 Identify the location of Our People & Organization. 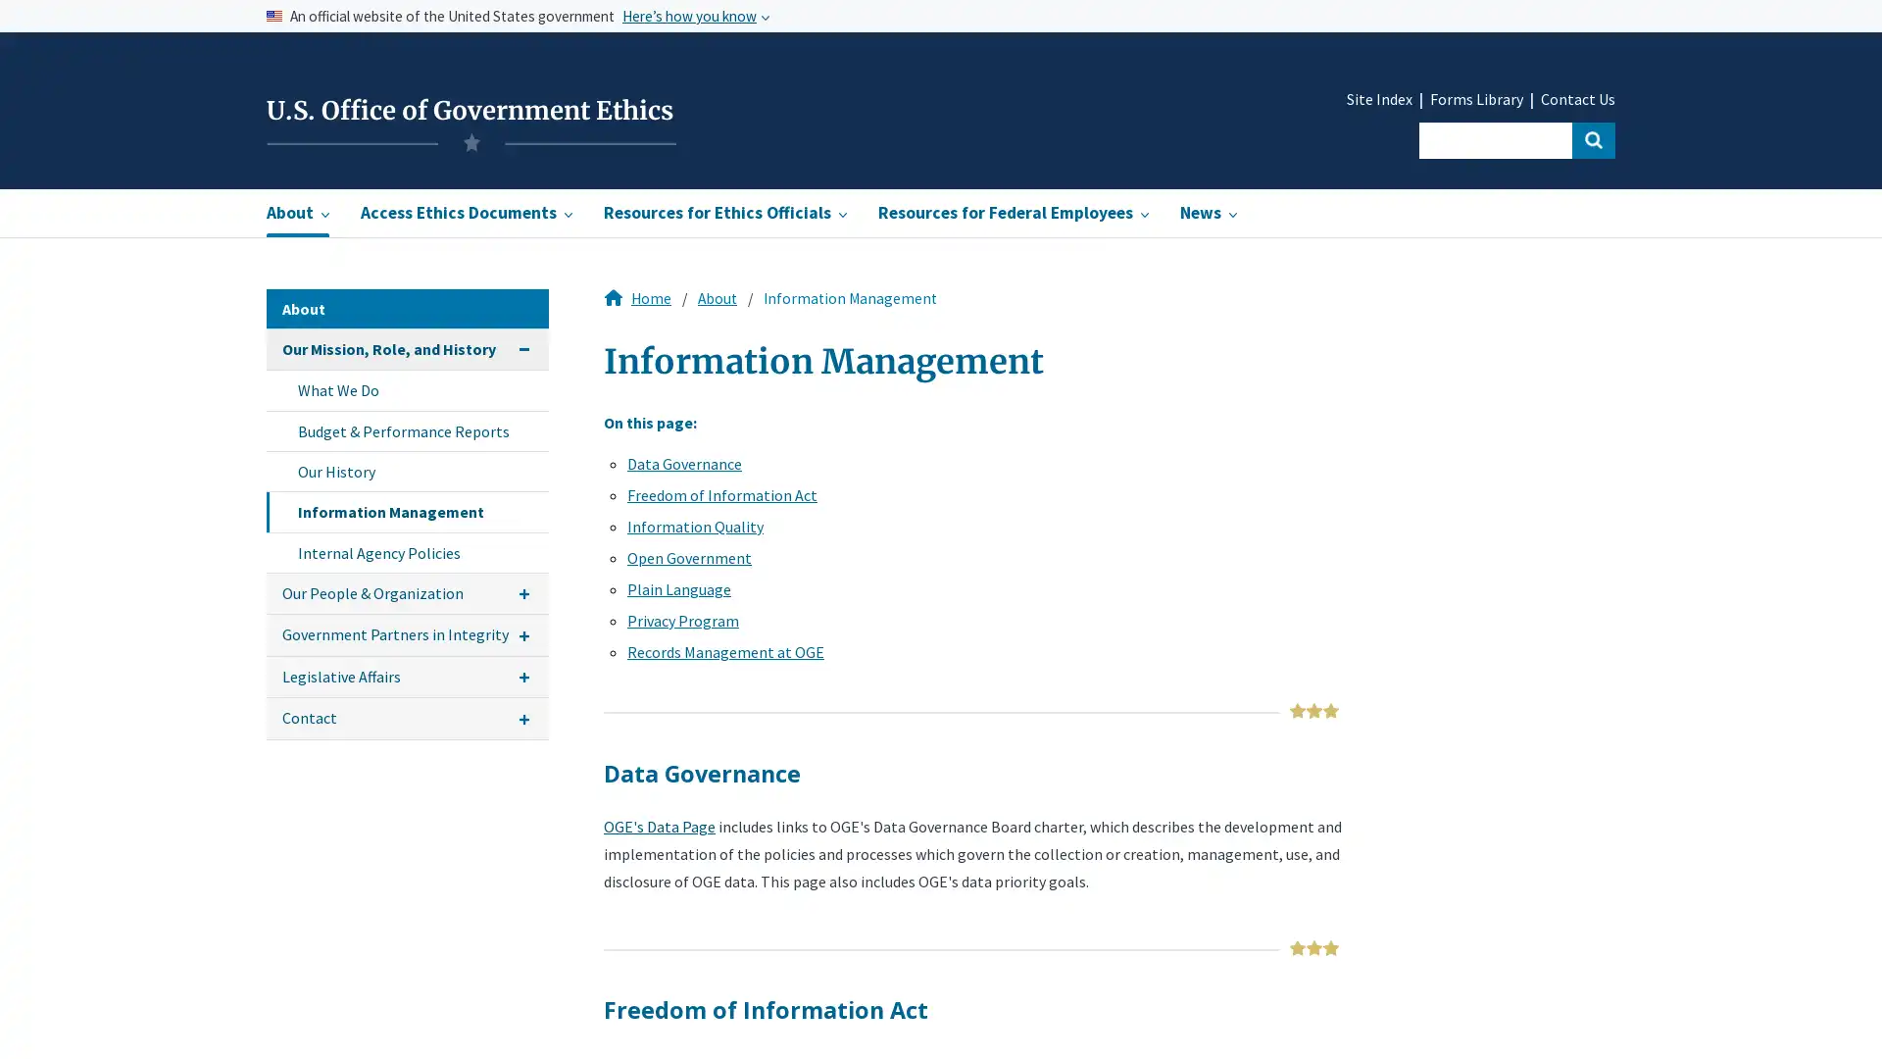
(407, 592).